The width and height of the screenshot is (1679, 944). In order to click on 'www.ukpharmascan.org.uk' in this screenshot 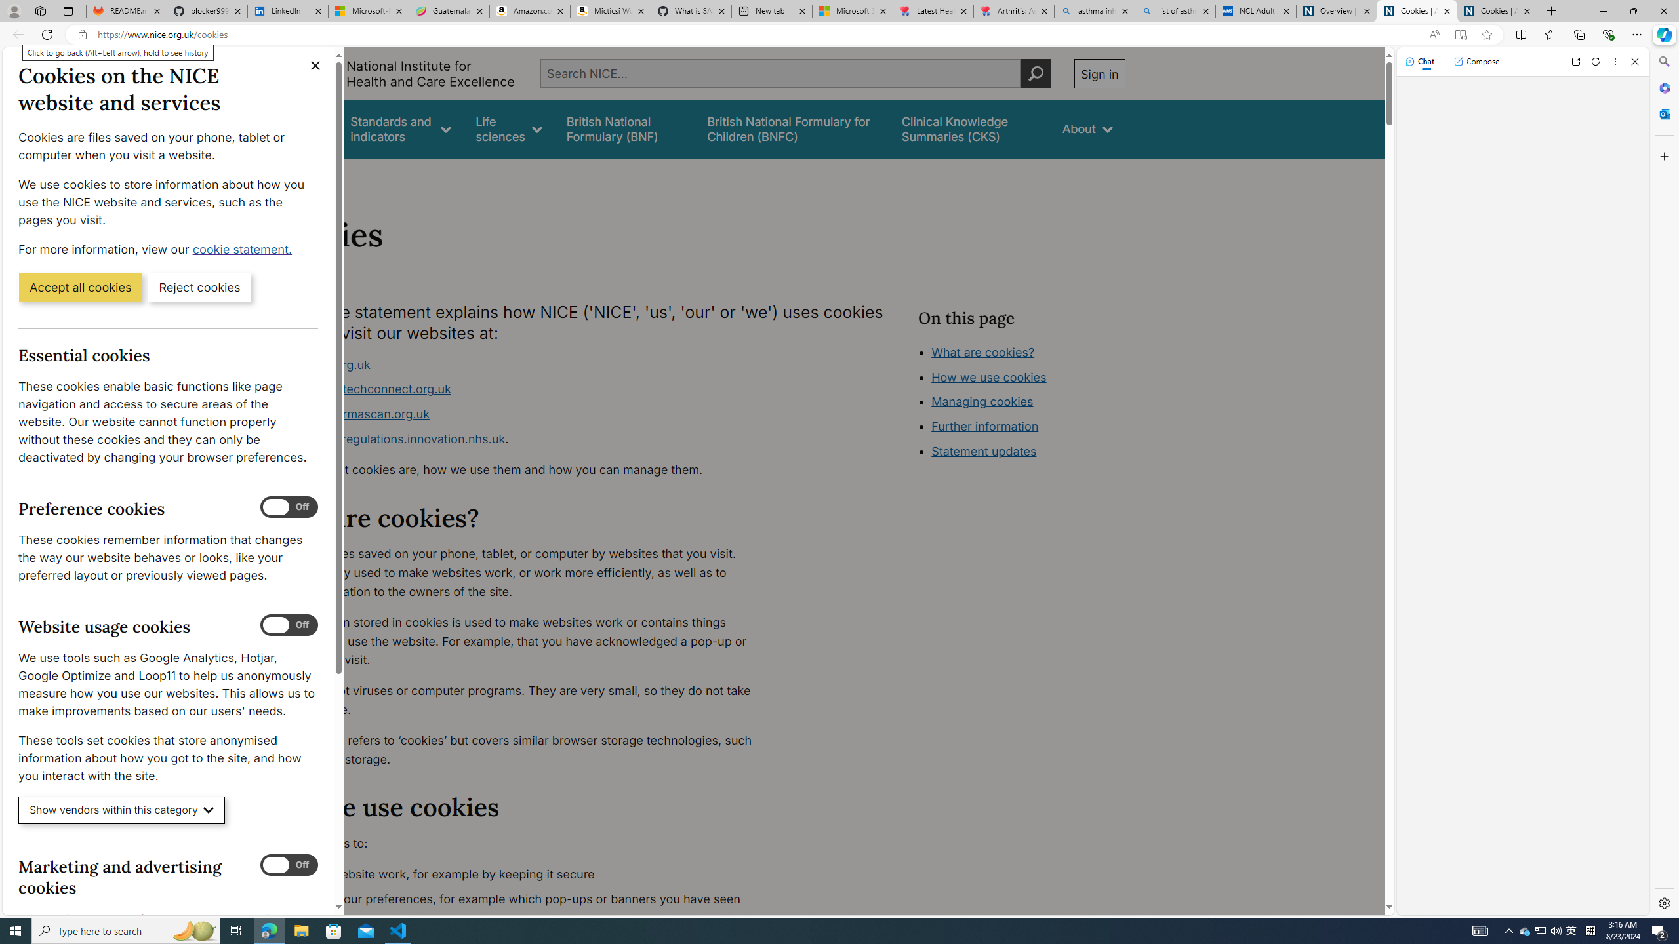, I will do `click(352, 414)`.